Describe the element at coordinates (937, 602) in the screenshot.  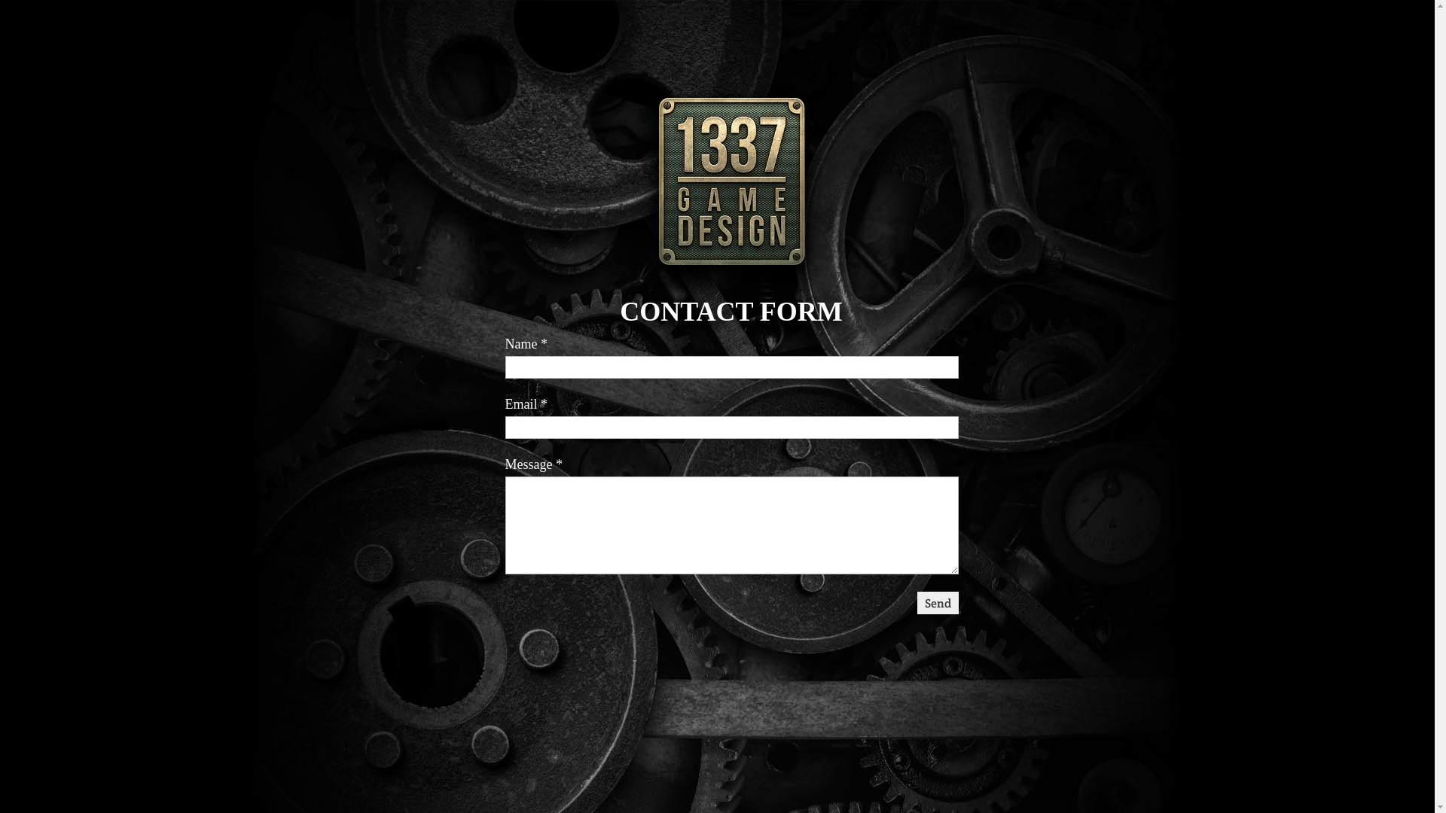
I see `'Send'` at that location.